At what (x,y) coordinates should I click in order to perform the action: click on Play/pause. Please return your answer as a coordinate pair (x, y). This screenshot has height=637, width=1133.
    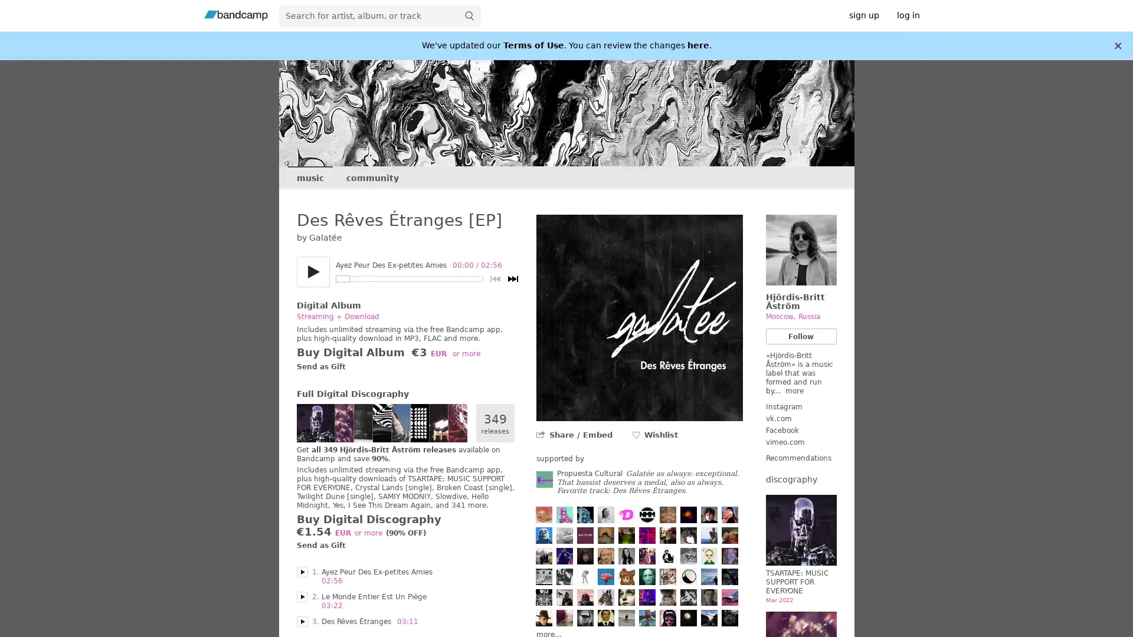
    Looking at the image, I should click on (312, 272).